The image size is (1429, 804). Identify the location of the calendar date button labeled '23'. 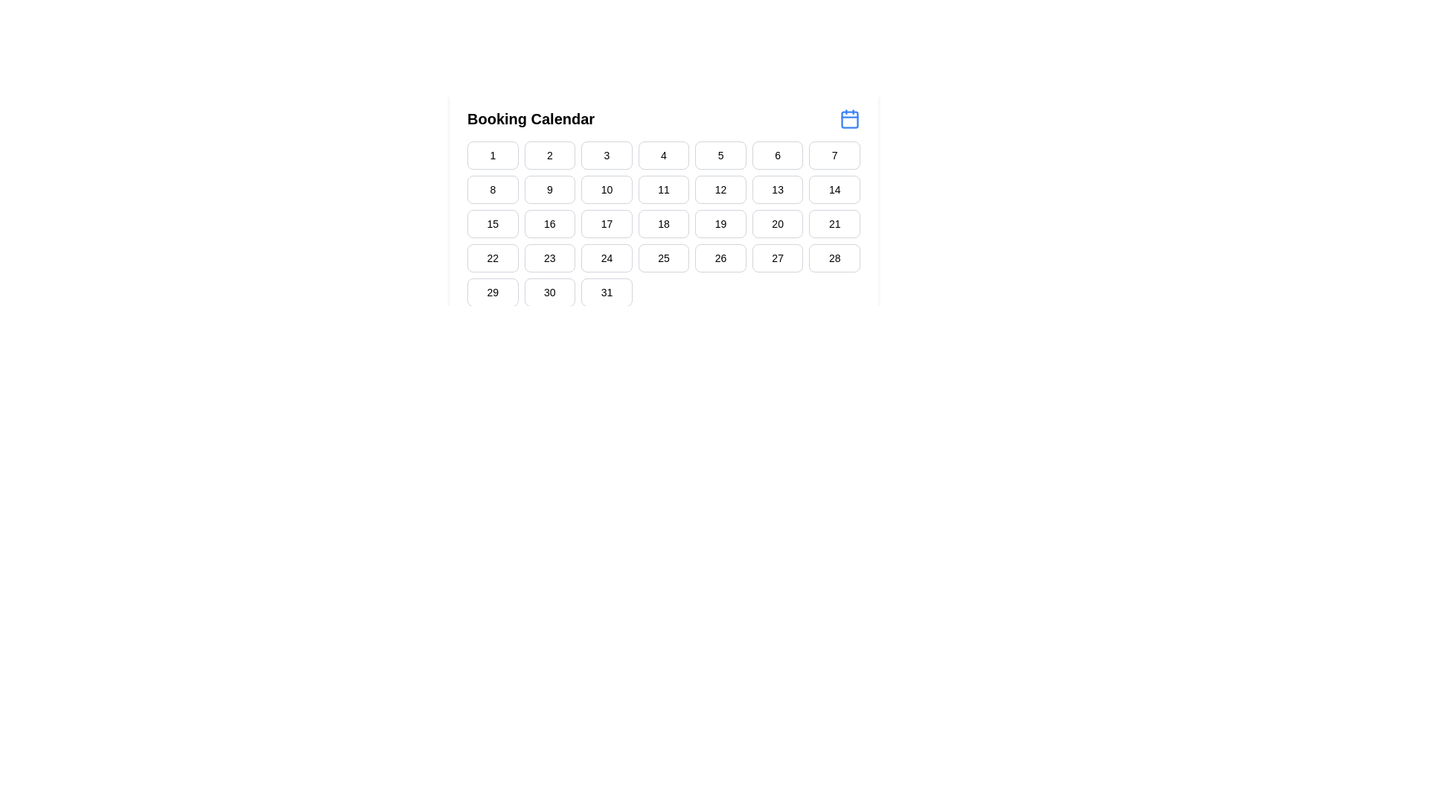
(549, 258).